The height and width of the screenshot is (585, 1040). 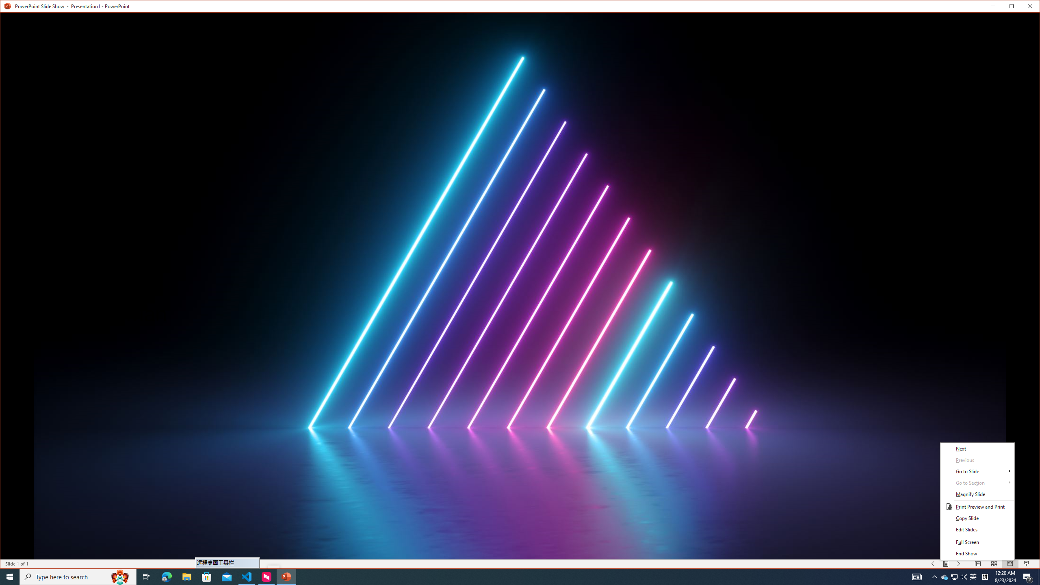 I want to click on 'Maximize', so click(x=1023, y=8).